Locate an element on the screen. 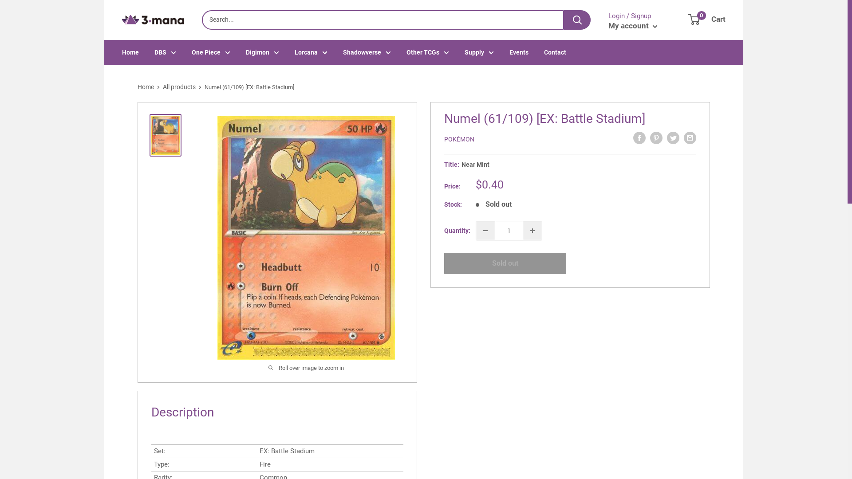 The width and height of the screenshot is (852, 479). 'Shadowverse' is located at coordinates (367, 52).